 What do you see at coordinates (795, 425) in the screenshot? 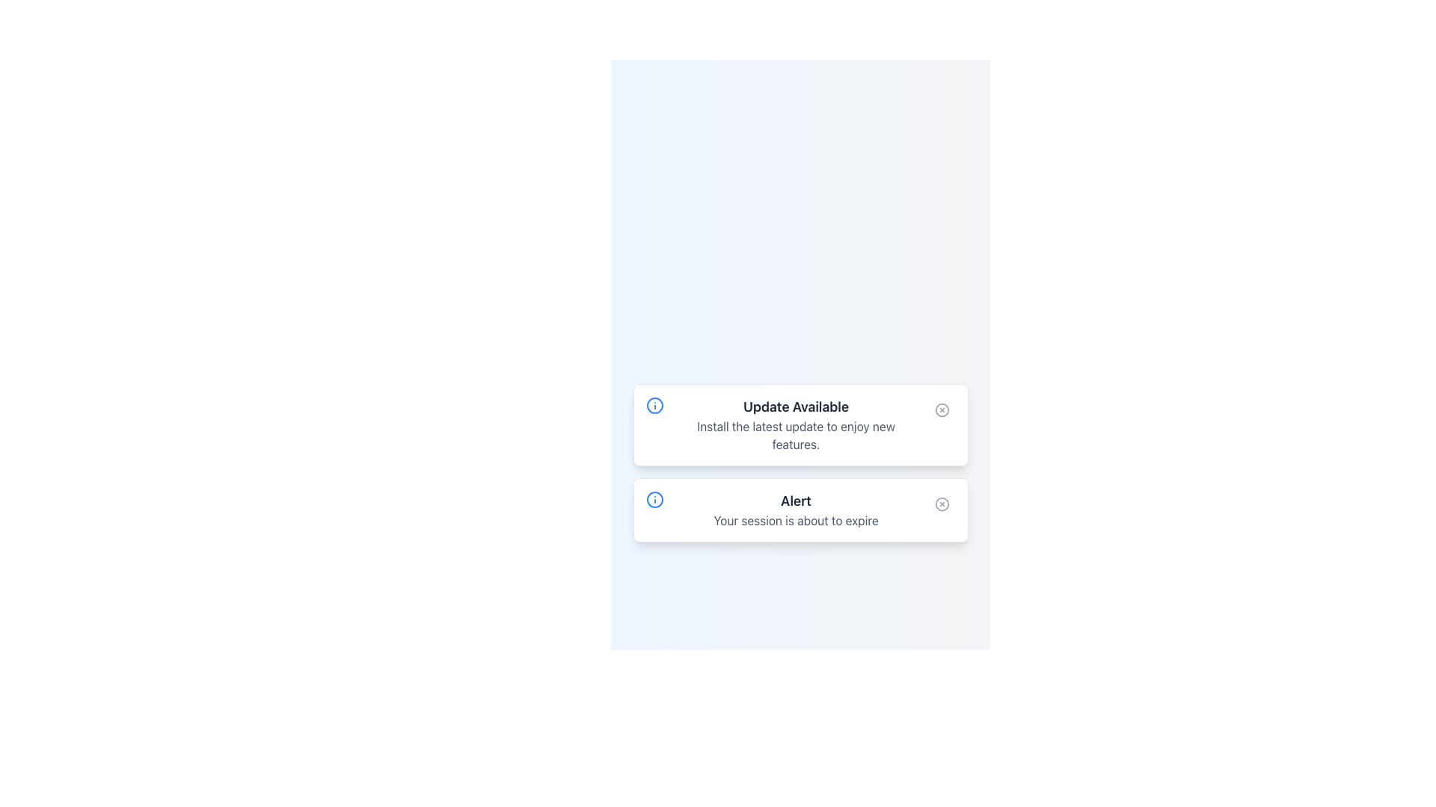
I see `notification from the text block that states 'Update Available' and 'Install the latest update to enjoy new features.'` at bounding box center [795, 425].